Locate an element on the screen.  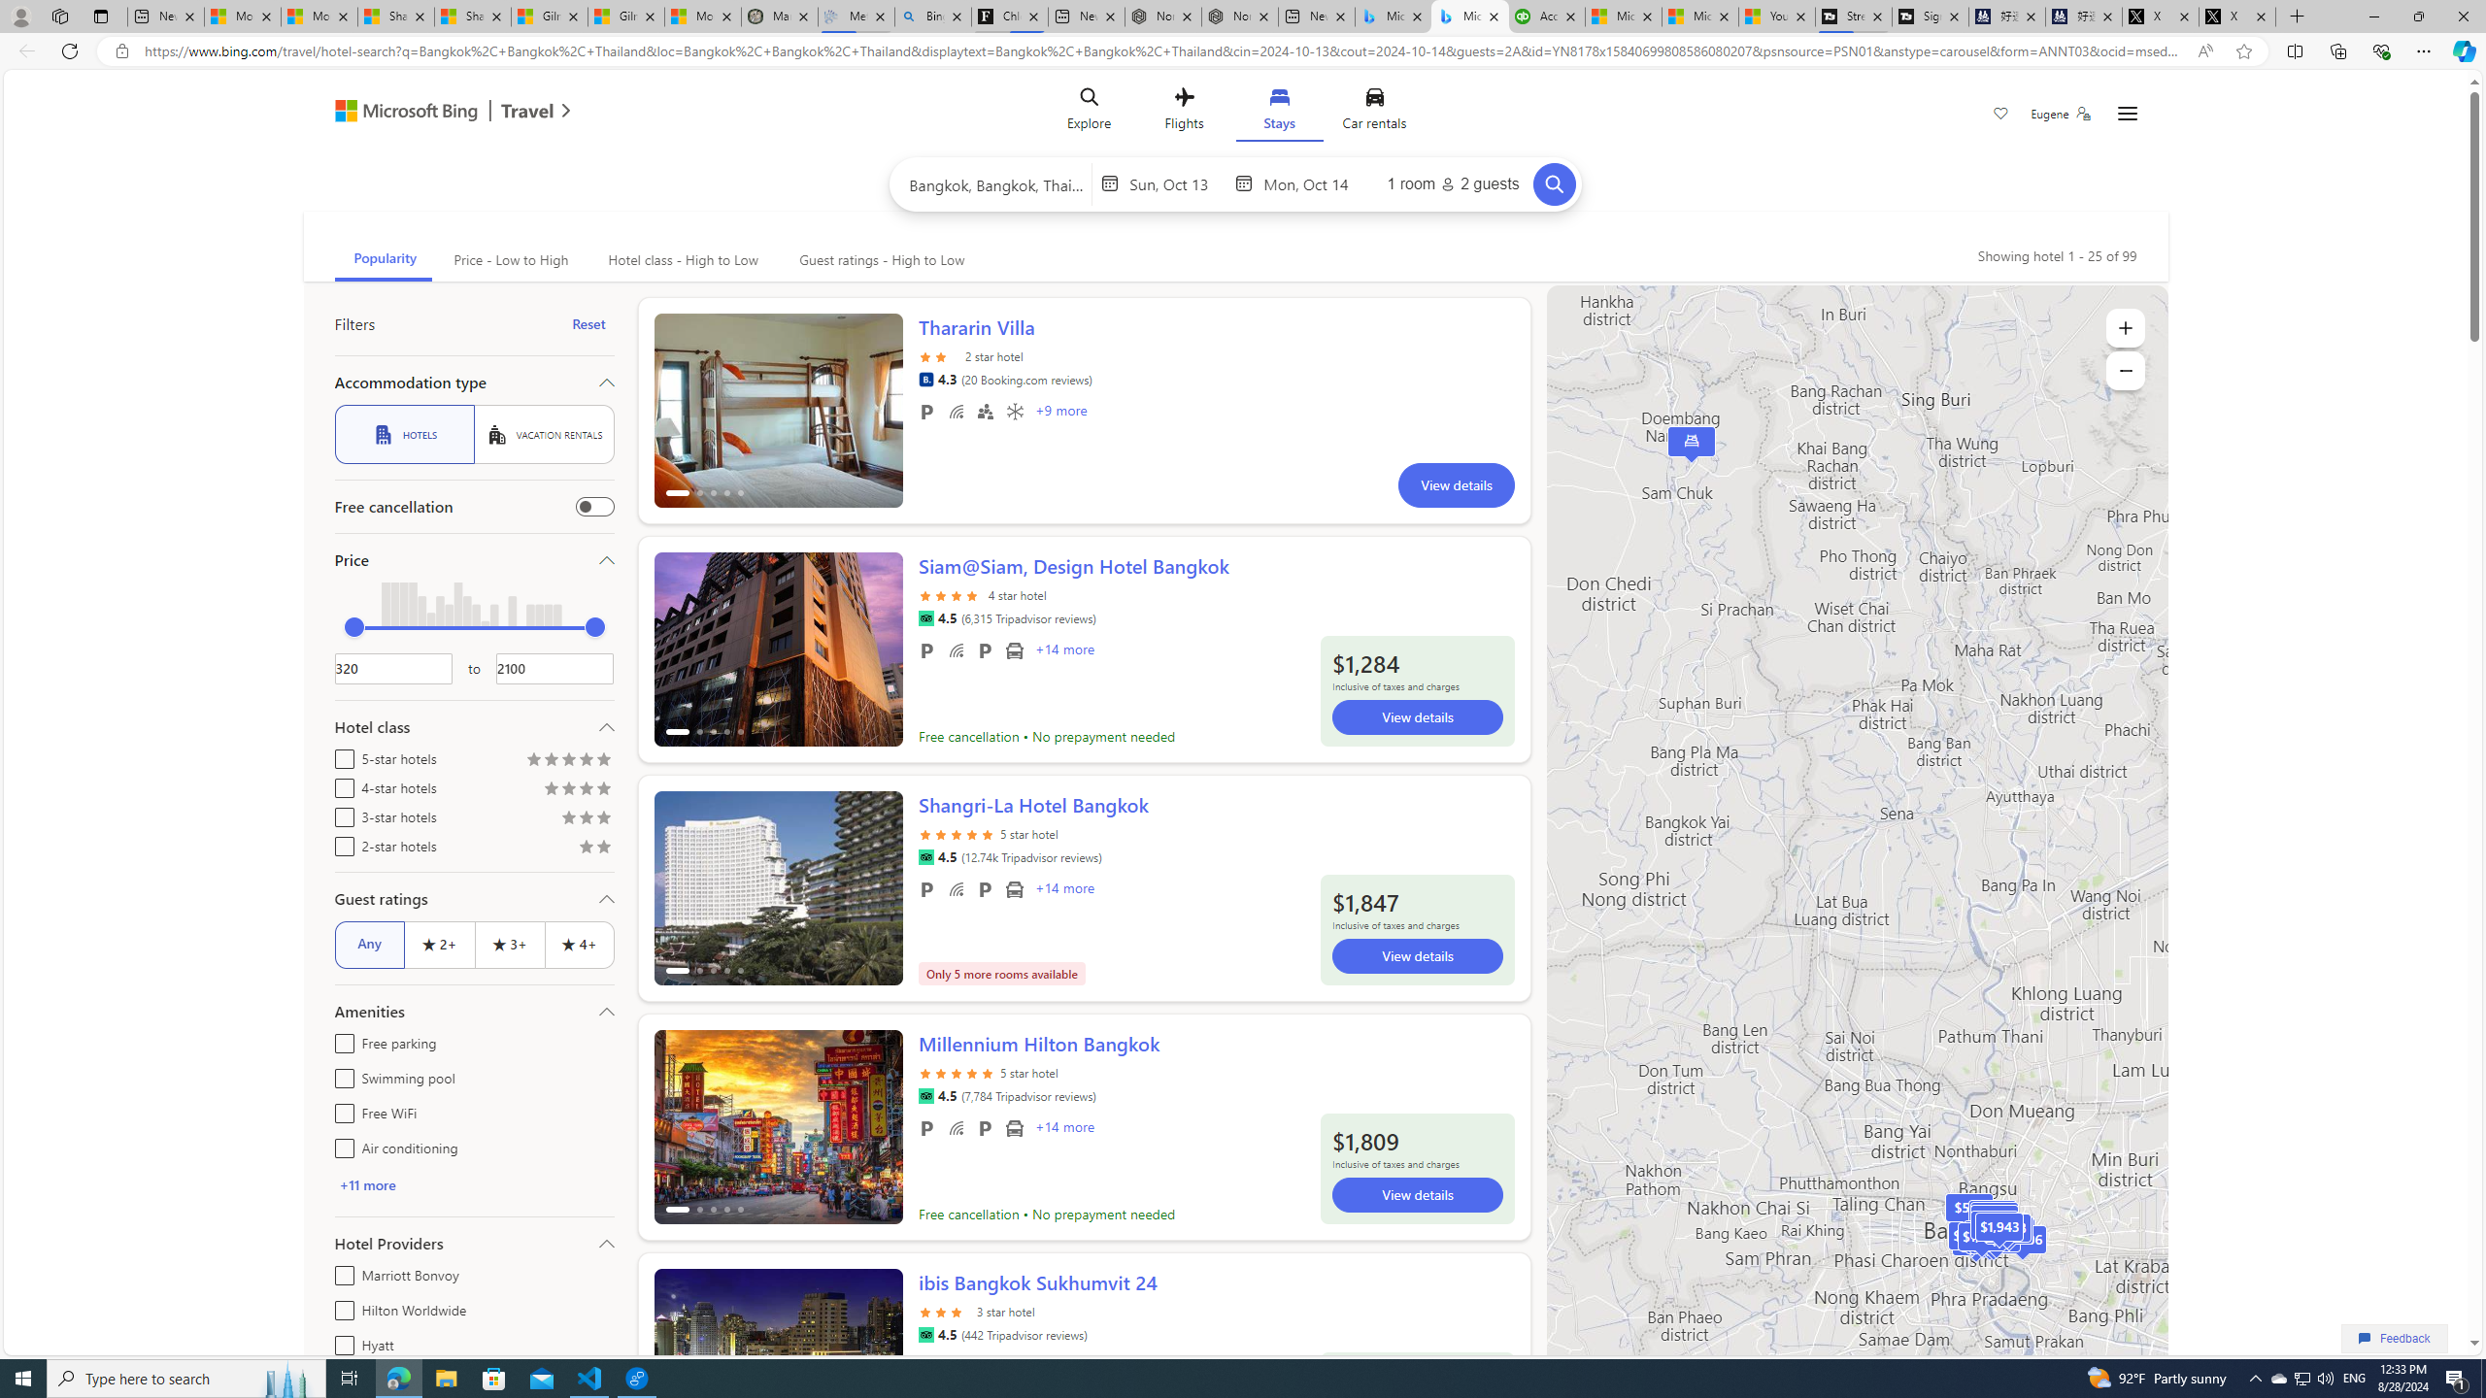
'Flights' is located at coordinates (1183, 112).